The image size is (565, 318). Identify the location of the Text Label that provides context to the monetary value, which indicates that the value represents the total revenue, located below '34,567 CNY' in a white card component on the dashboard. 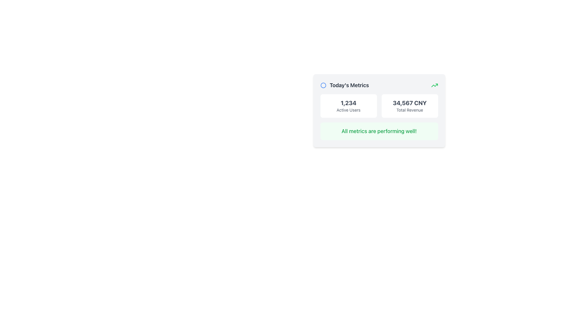
(409, 110).